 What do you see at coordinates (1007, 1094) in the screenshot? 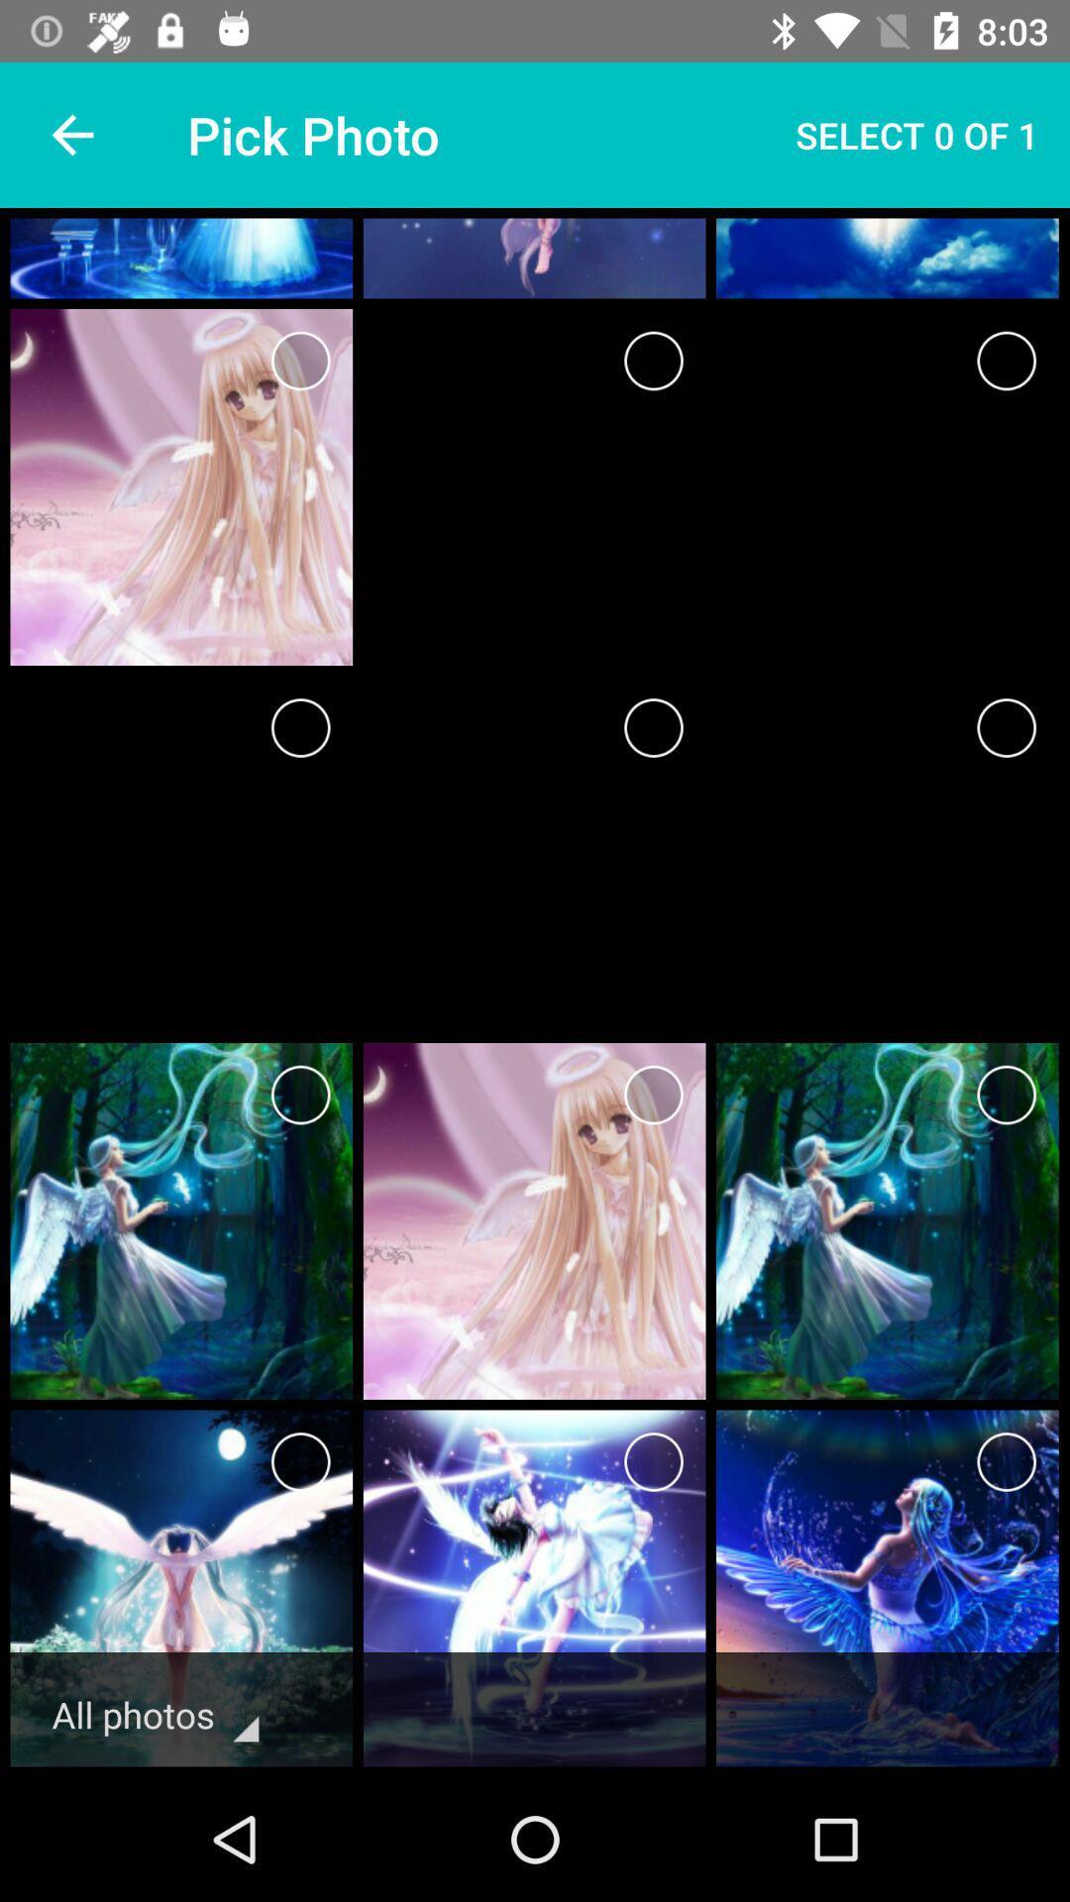
I see `menu pega` at bounding box center [1007, 1094].